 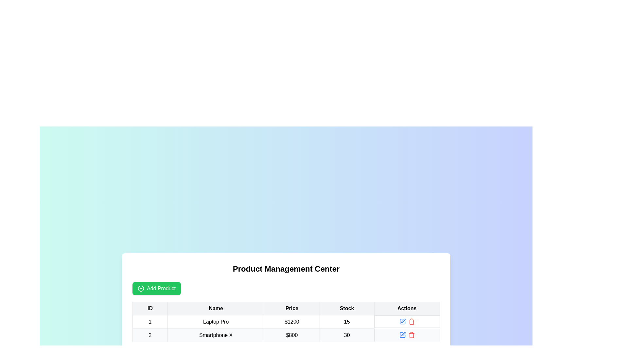 I want to click on the edit icon resembling a pen in the Actions column of the second row of the data table, so click(x=403, y=334).